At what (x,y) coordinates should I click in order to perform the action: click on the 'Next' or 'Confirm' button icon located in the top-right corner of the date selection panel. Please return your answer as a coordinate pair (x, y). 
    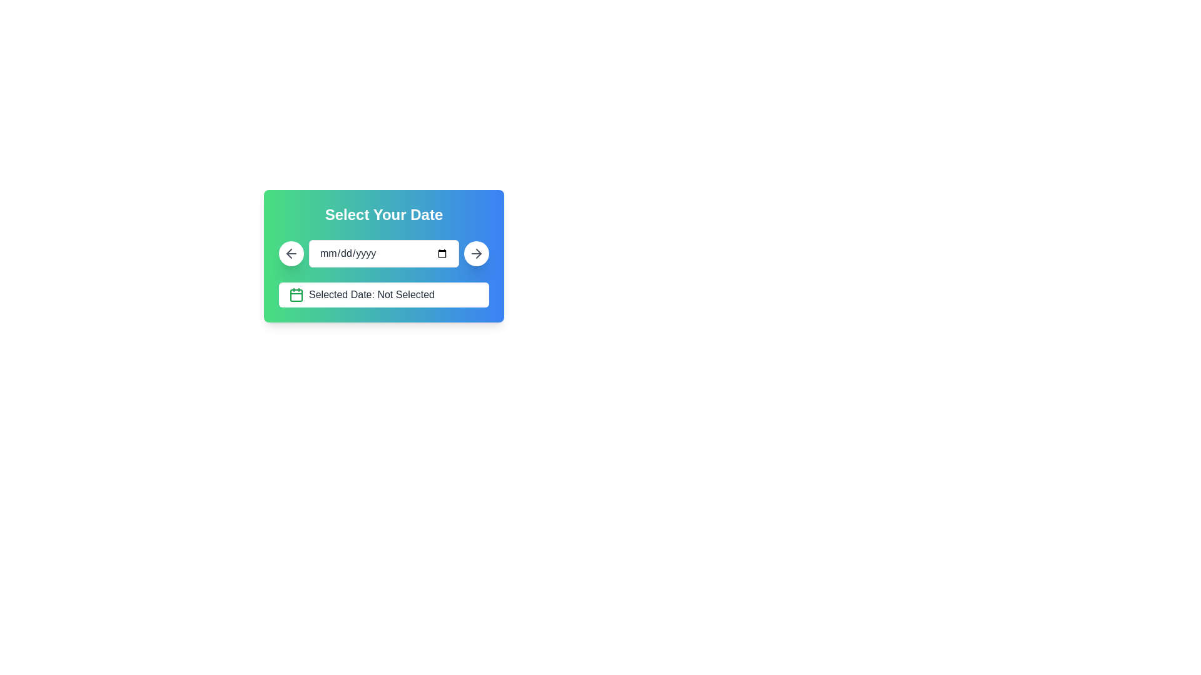
    Looking at the image, I should click on (476, 253).